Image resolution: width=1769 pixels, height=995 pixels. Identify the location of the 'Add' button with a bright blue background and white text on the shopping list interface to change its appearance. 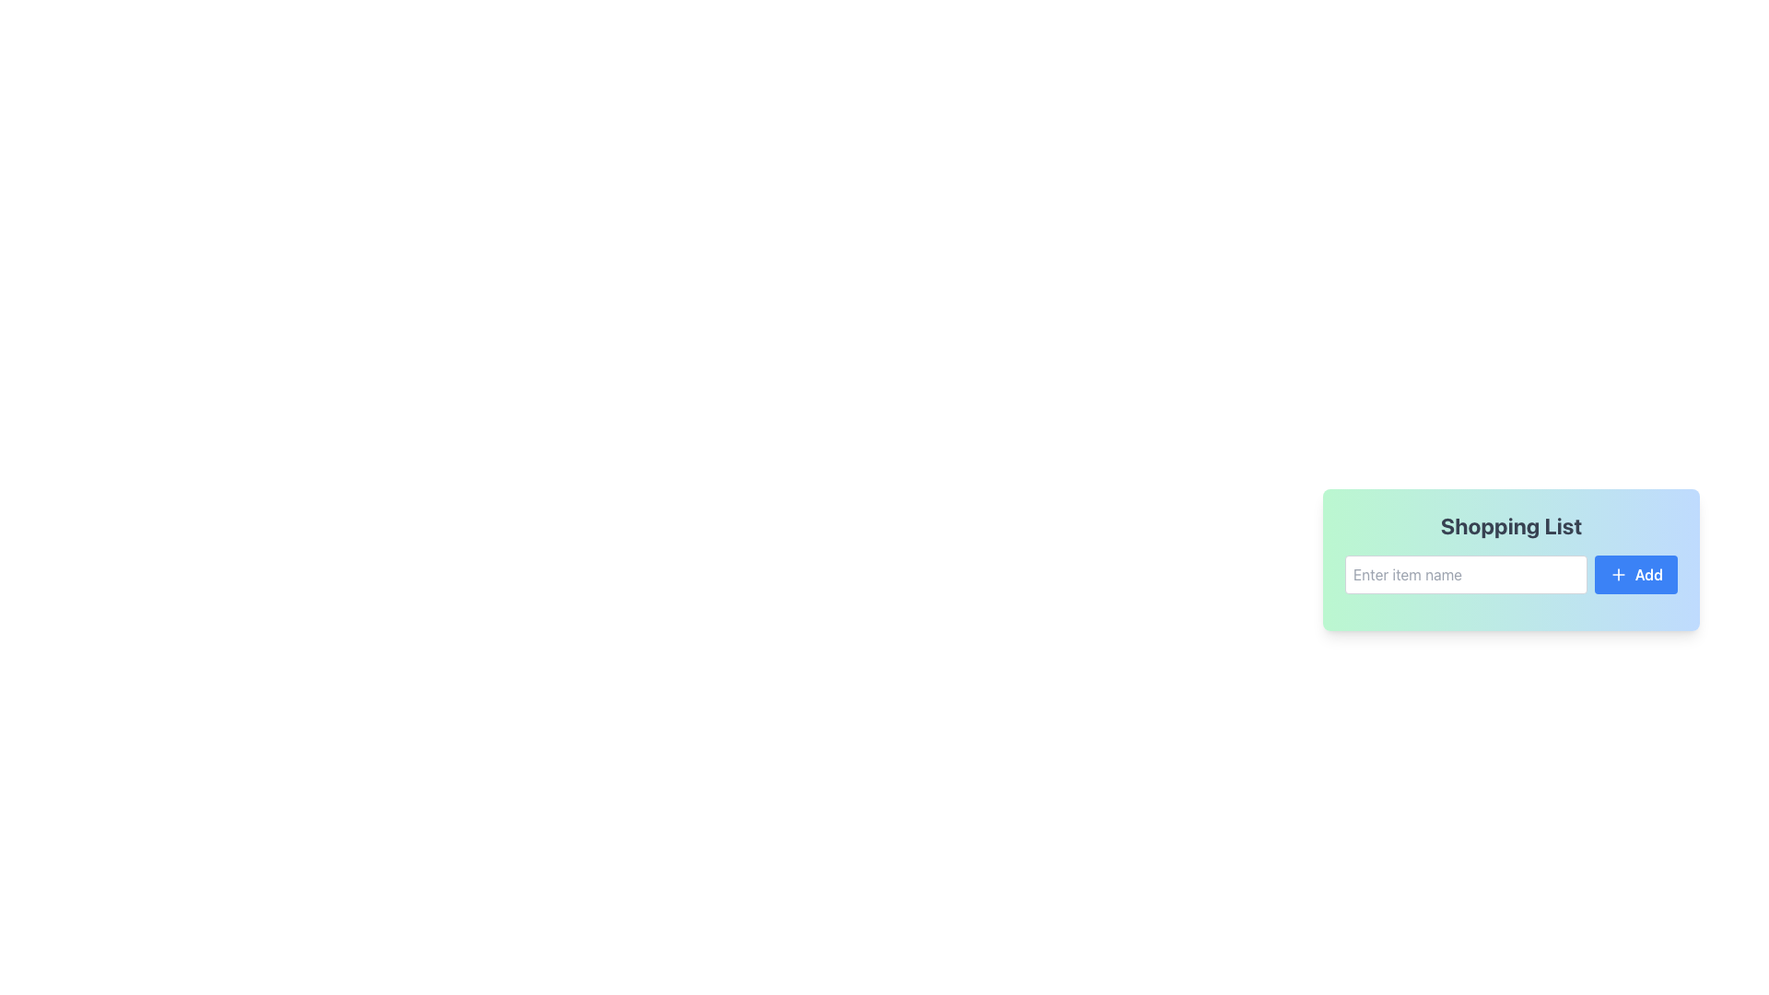
(1635, 574).